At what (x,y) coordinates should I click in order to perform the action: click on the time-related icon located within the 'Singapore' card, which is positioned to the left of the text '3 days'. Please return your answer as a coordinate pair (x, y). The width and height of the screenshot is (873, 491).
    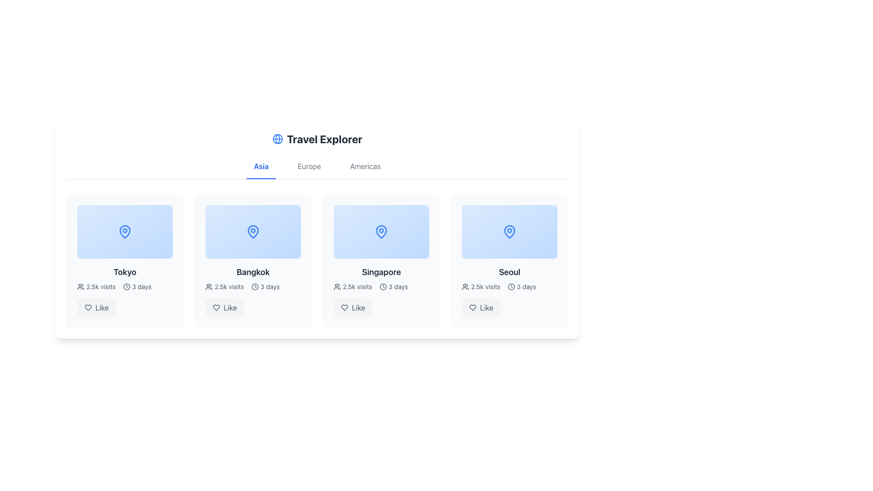
    Looking at the image, I should click on (383, 287).